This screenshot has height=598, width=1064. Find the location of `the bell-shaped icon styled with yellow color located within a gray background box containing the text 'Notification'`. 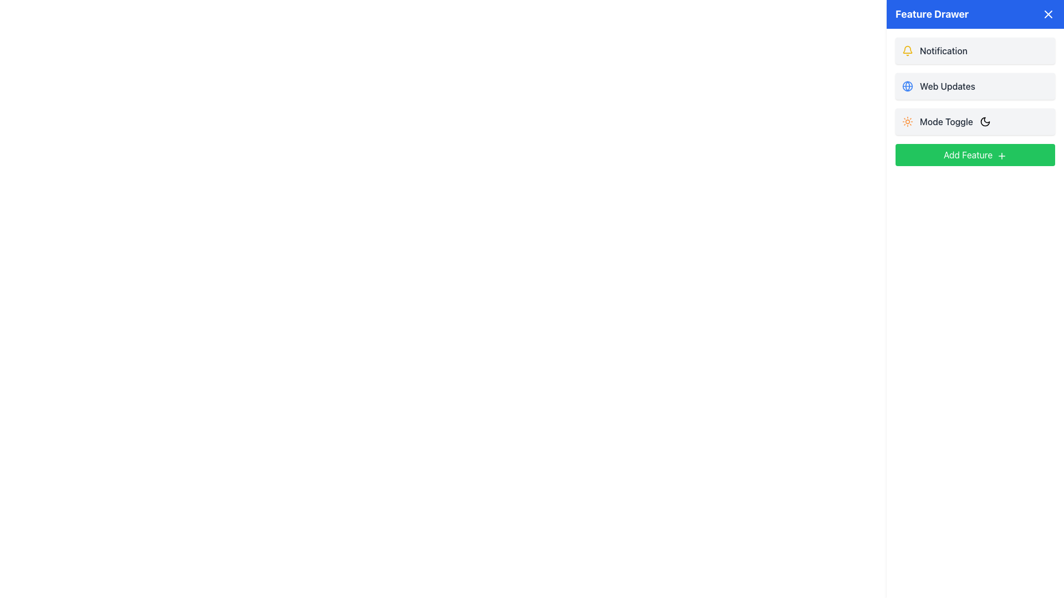

the bell-shaped icon styled with yellow color located within a gray background box containing the text 'Notification' is located at coordinates (907, 51).